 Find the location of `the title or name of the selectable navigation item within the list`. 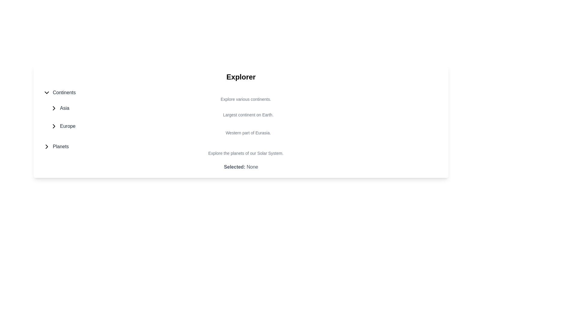

the title or name of the selectable navigation item within the list is located at coordinates (241, 147).